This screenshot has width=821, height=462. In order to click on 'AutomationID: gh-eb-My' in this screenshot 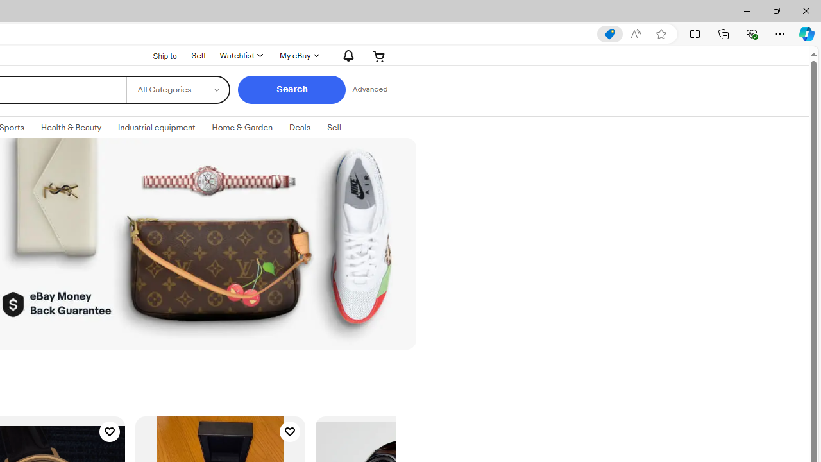, I will do `click(298, 55)`.